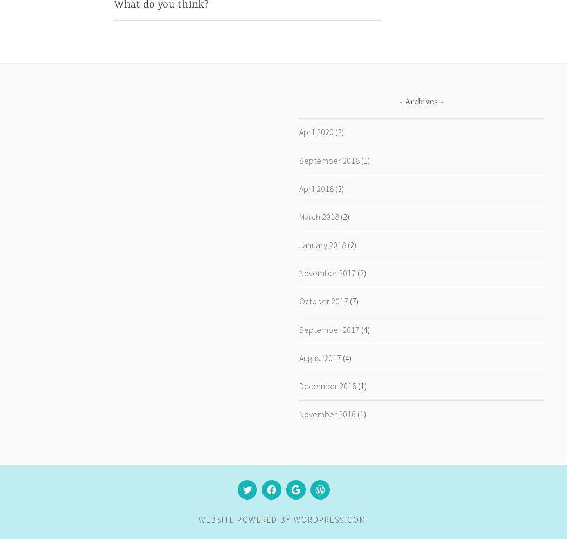  I want to click on 'November 2017', so click(327, 272).